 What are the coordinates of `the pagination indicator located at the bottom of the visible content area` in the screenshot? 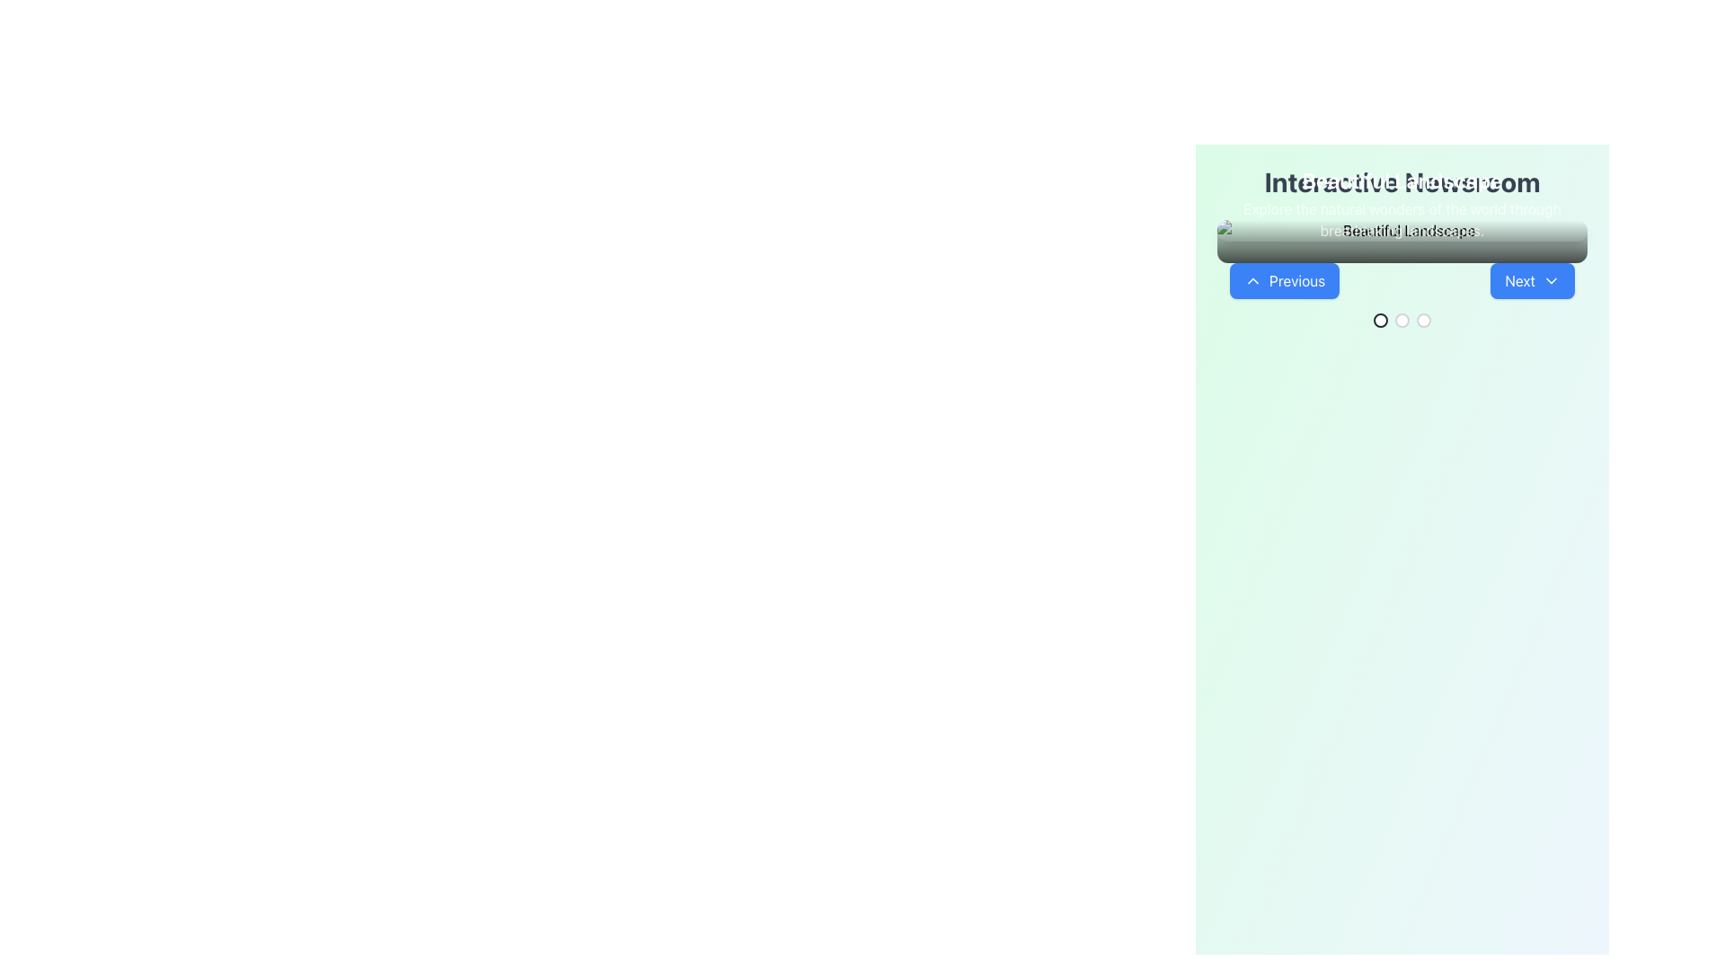 It's located at (1401, 320).